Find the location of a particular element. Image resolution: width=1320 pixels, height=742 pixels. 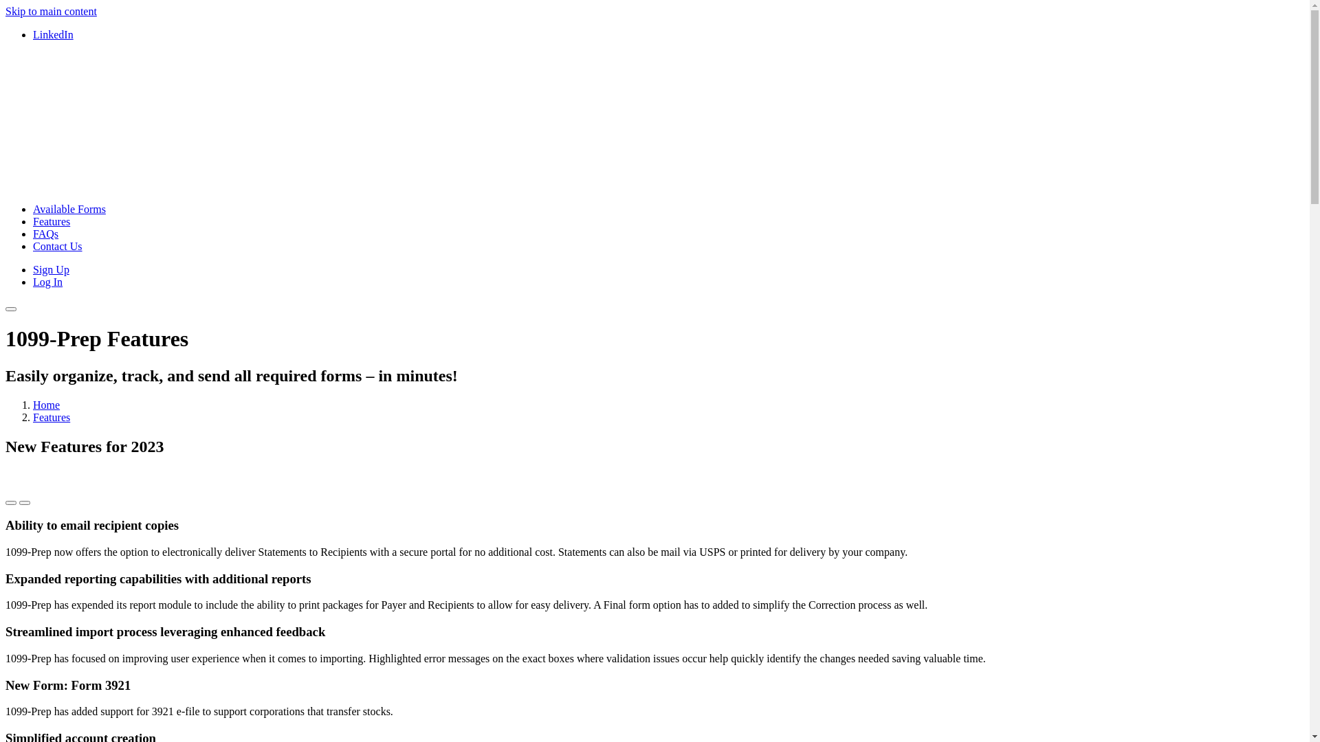

'Log In' is located at coordinates (47, 281).